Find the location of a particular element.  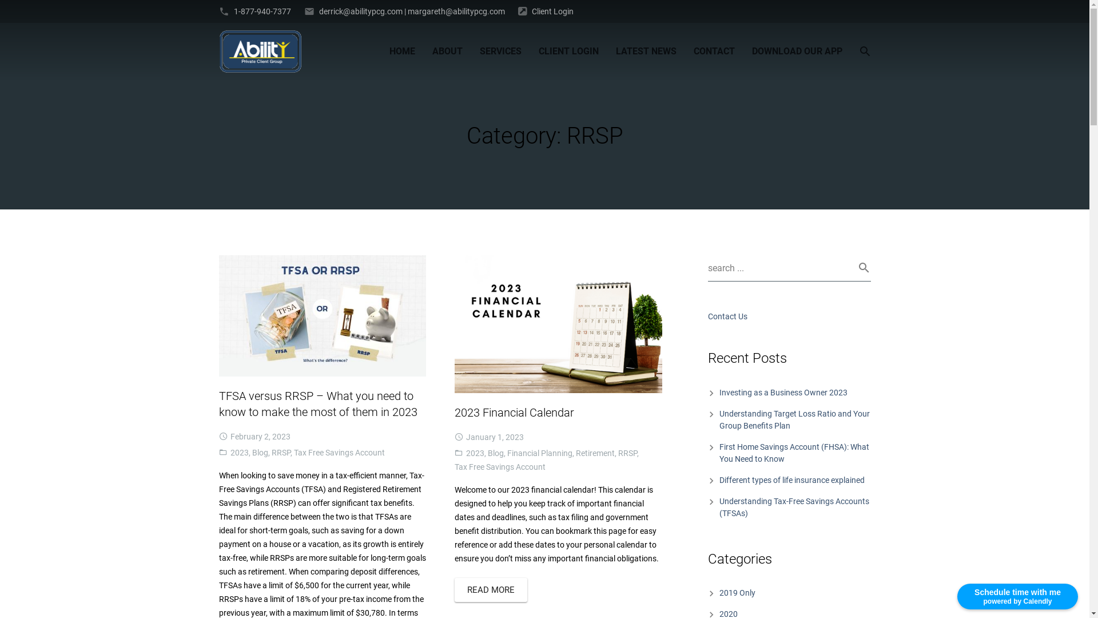

'Understanding Tax-Free Savings Accounts (TFSAs)' is located at coordinates (793, 506).